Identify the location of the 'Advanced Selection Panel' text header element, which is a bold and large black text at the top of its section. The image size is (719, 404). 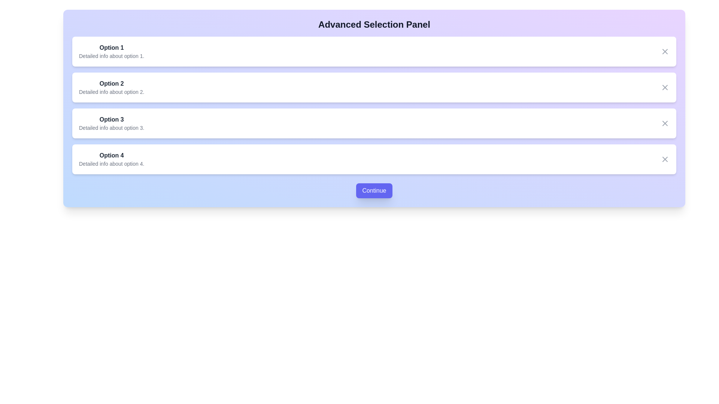
(374, 24).